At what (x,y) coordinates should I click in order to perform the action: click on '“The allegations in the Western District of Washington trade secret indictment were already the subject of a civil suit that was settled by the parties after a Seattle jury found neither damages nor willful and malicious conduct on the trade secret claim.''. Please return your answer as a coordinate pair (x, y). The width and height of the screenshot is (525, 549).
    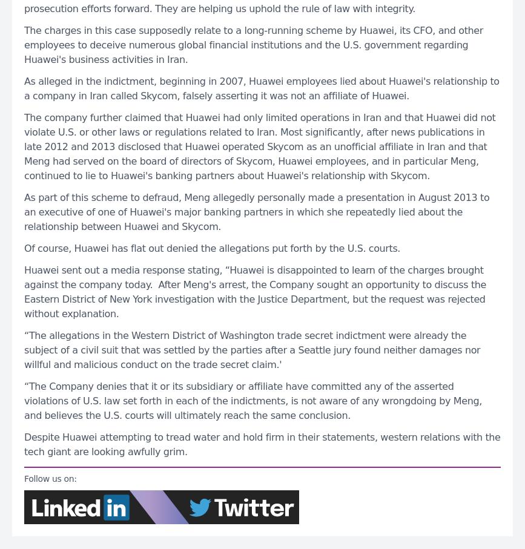
    Looking at the image, I should click on (252, 349).